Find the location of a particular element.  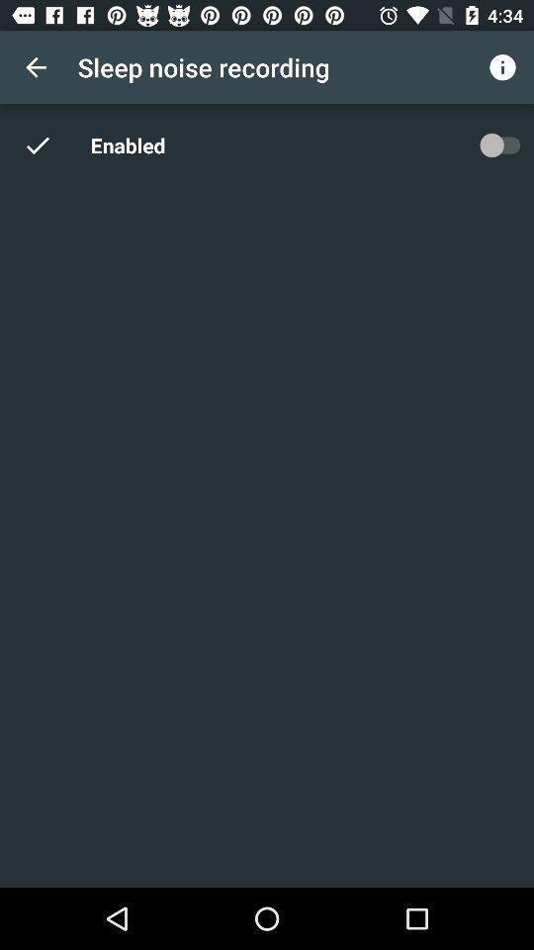

app to the right of the sleep noise recording item is located at coordinates (502, 67).